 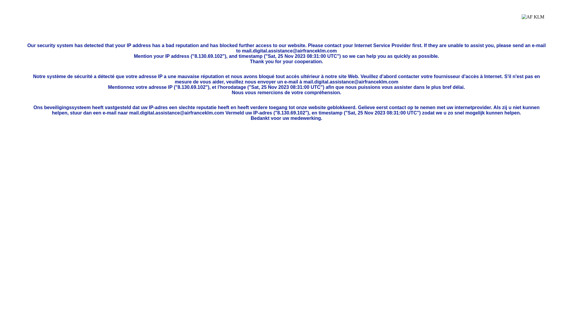 What do you see at coordinates (521, 21) in the screenshot?
I see `'AF KLM'` at bounding box center [521, 21].